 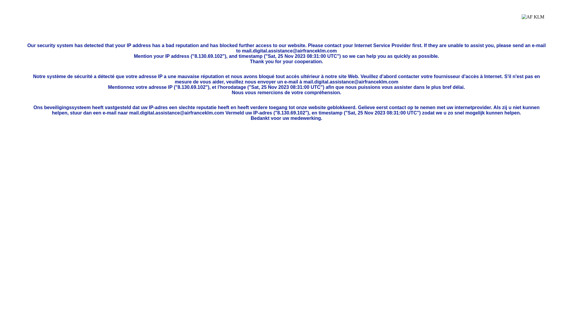 What do you see at coordinates (521, 21) in the screenshot?
I see `'AF KLM'` at bounding box center [521, 21].